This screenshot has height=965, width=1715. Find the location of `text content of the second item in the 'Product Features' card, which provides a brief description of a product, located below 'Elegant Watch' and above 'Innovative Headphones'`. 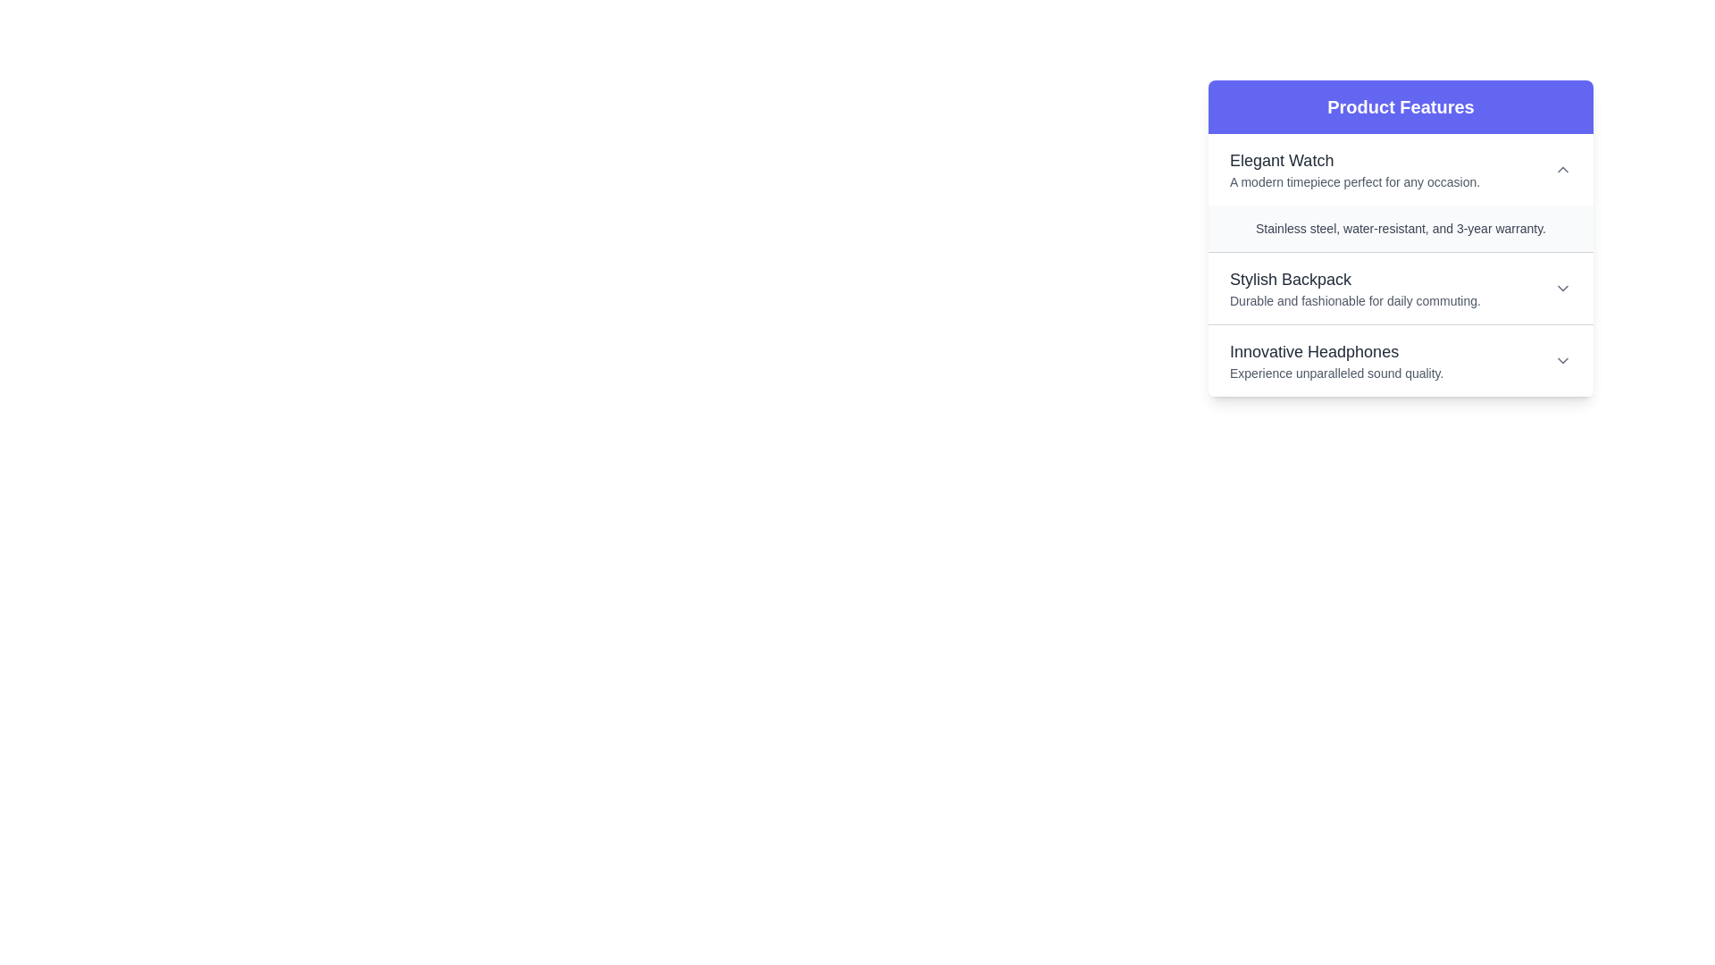

text content of the second item in the 'Product Features' card, which provides a brief description of a product, located below 'Elegant Watch' and above 'Innovative Headphones' is located at coordinates (1355, 288).